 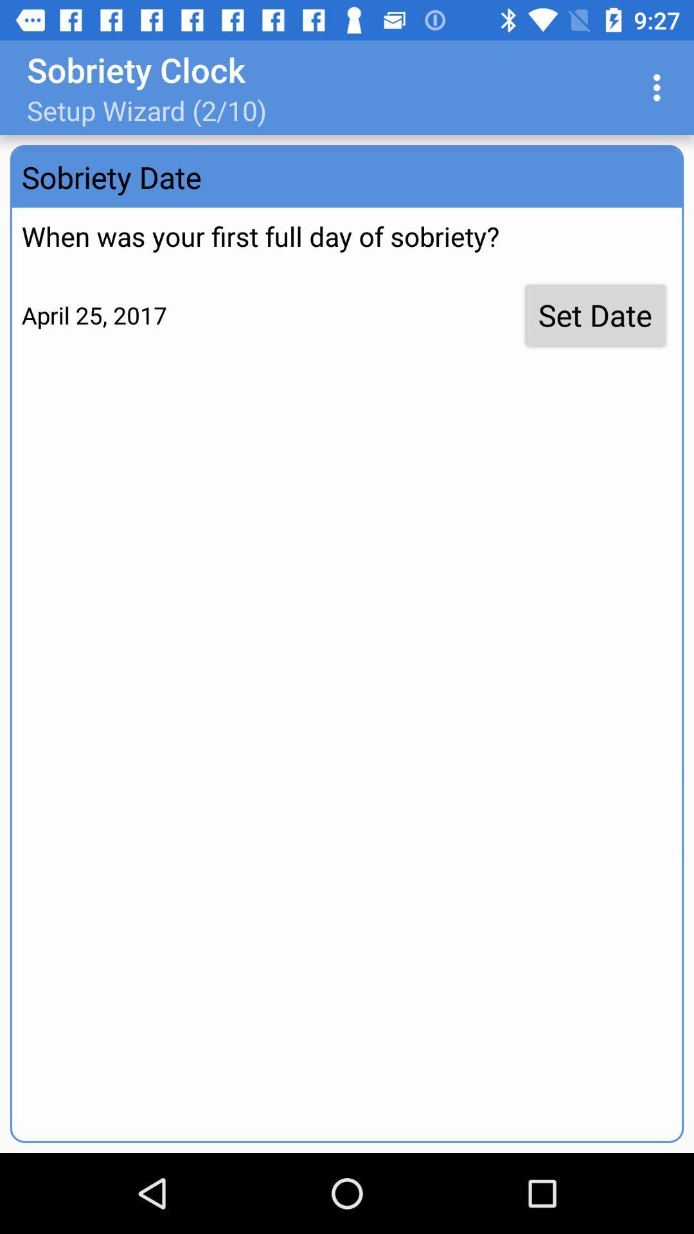 I want to click on the icon above the sobriety date icon, so click(x=660, y=87).